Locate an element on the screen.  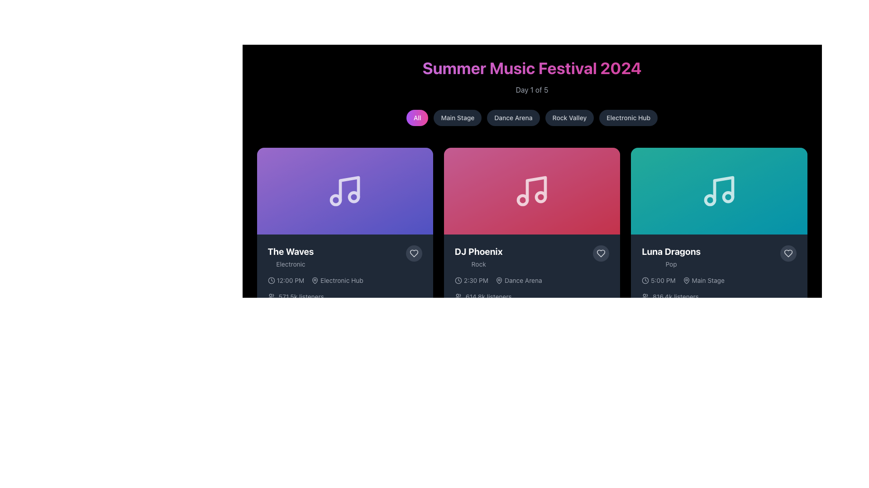
the text display element that shows 'Luna Dragons' in bold white font and 'Pop' in smaller gray font, located at the upper-right corner of the third card in the music festival performances deck is located at coordinates (671, 257).